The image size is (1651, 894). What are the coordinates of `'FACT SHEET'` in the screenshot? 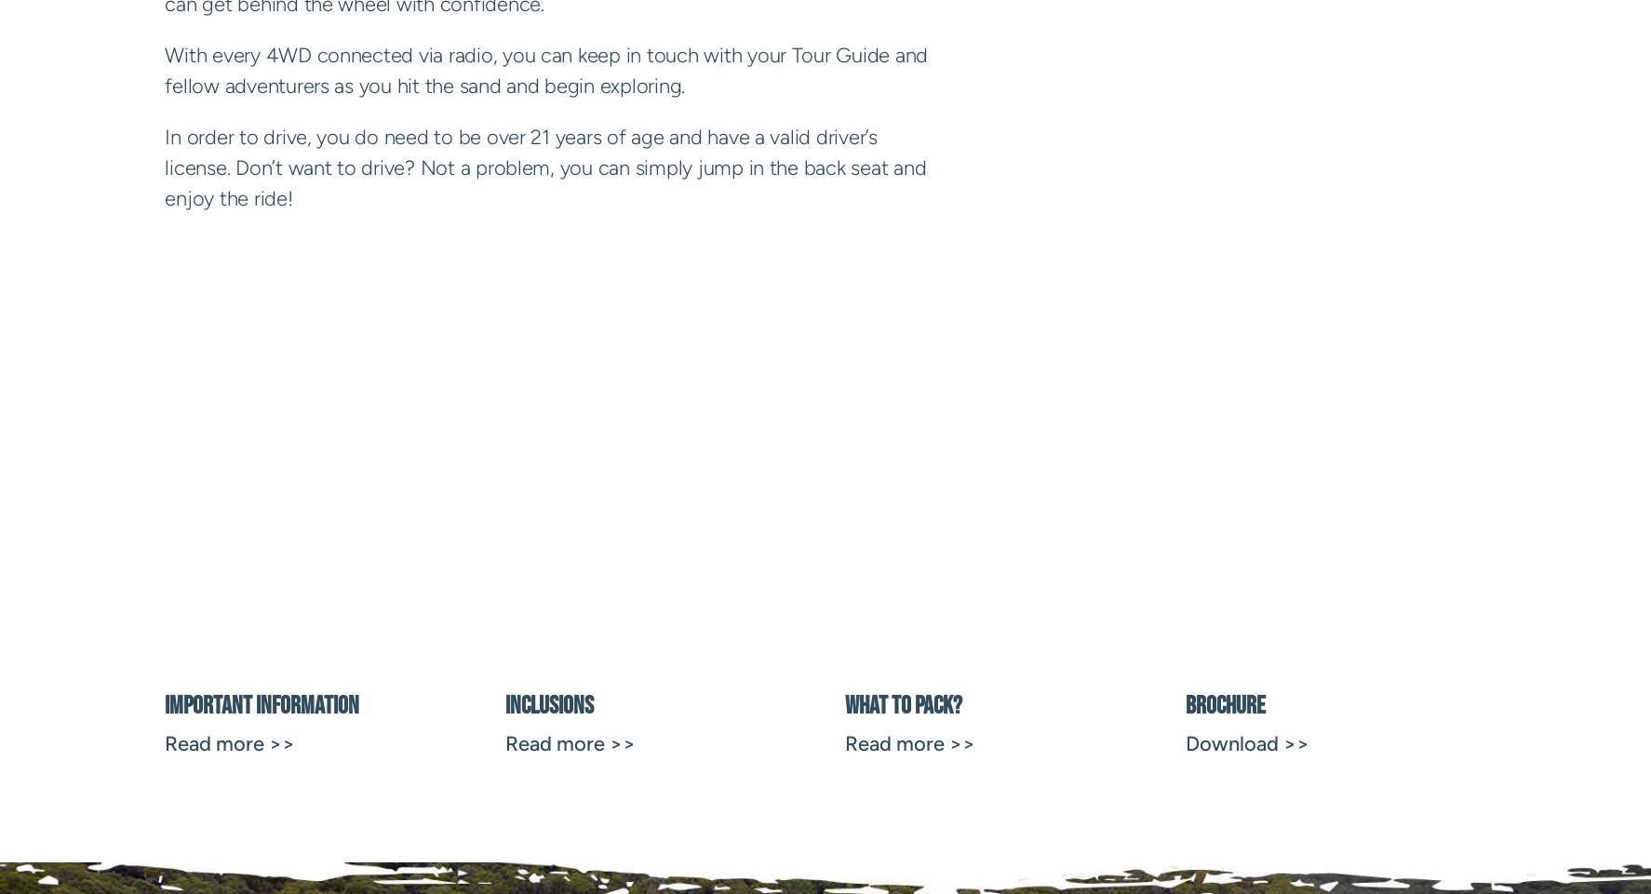 It's located at (507, 513).